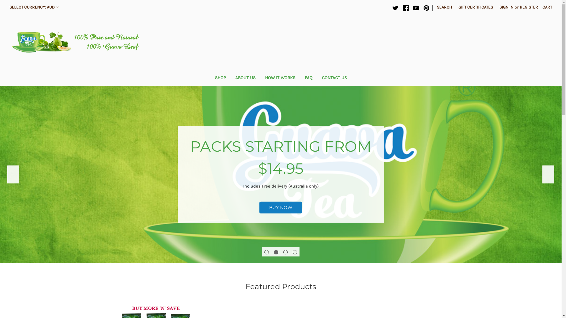  What do you see at coordinates (308, 78) in the screenshot?
I see `'FAQ'` at bounding box center [308, 78].